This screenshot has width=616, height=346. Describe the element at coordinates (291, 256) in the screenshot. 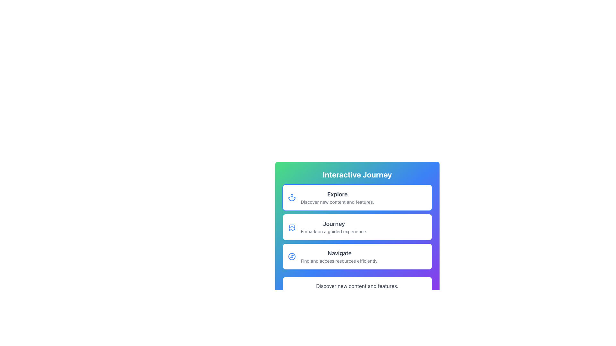

I see `the blue compass icon located at the leftmost side of the 'Navigate' card in the vertical stack of options` at that location.